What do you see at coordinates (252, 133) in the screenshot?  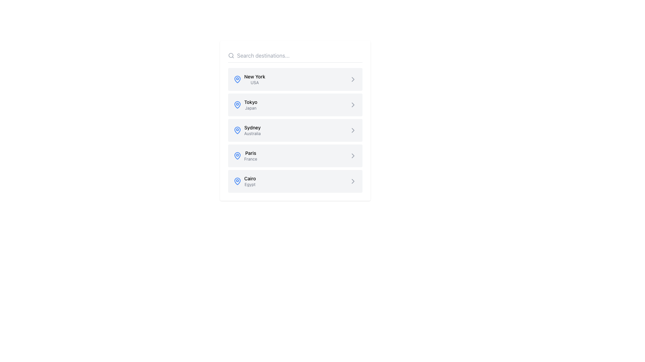 I see `text label displaying 'Australia', which is styled in a small font size and light gray color, located beneath the 'Sydney' label in the list` at bounding box center [252, 133].